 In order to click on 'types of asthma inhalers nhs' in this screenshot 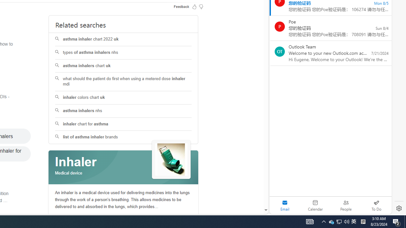, I will do `click(123, 52)`.